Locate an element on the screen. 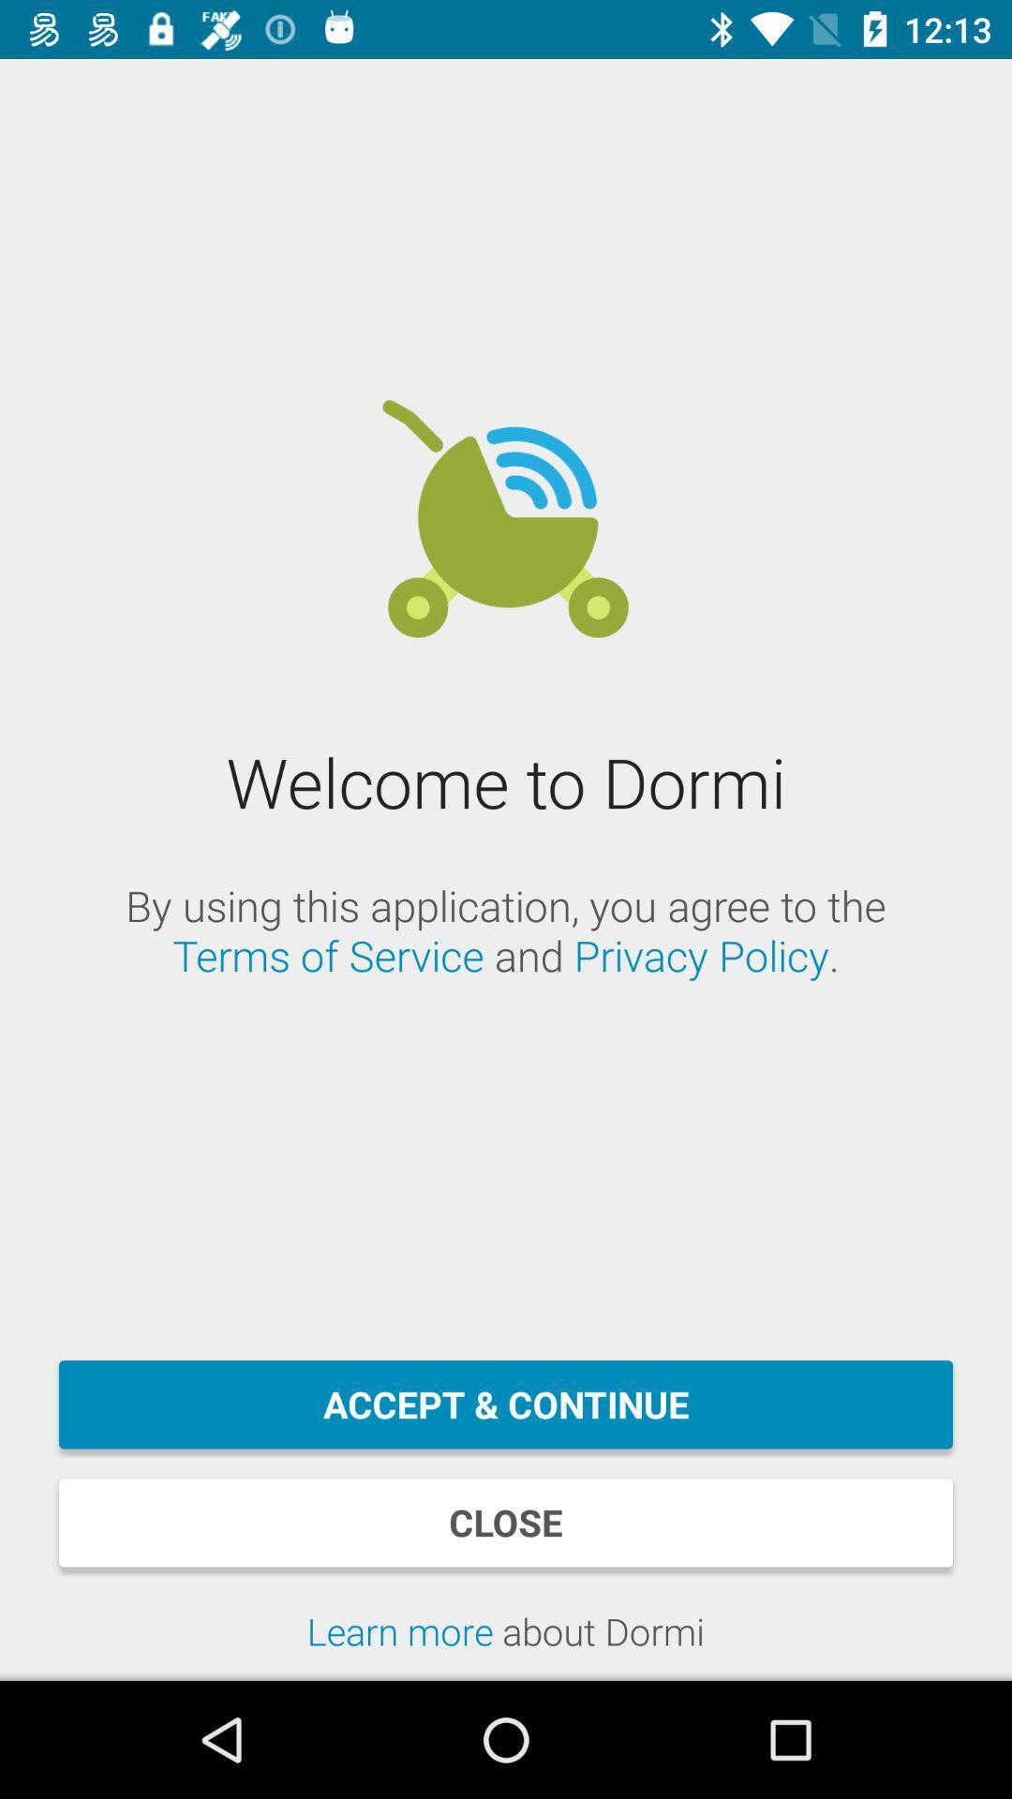 The height and width of the screenshot is (1799, 1012). icon below the accept & continue icon is located at coordinates (506, 1523).